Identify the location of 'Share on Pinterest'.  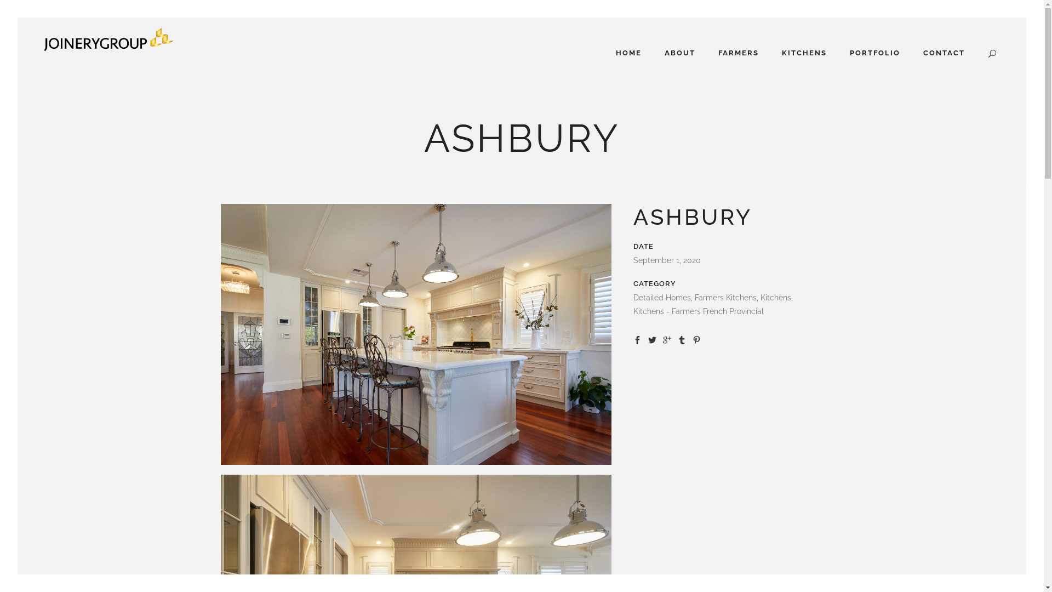
(691, 338).